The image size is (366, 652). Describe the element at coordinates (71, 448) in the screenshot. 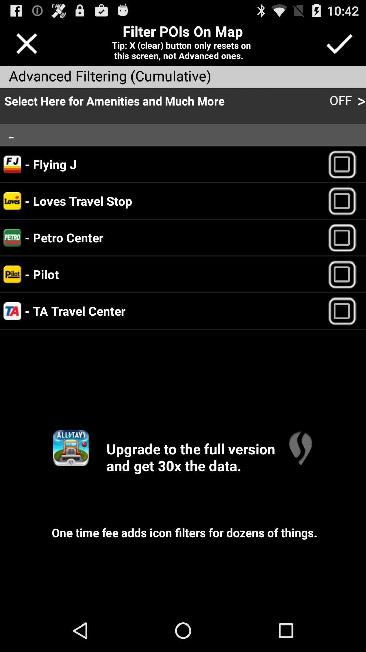

I see `to upgrade` at that location.